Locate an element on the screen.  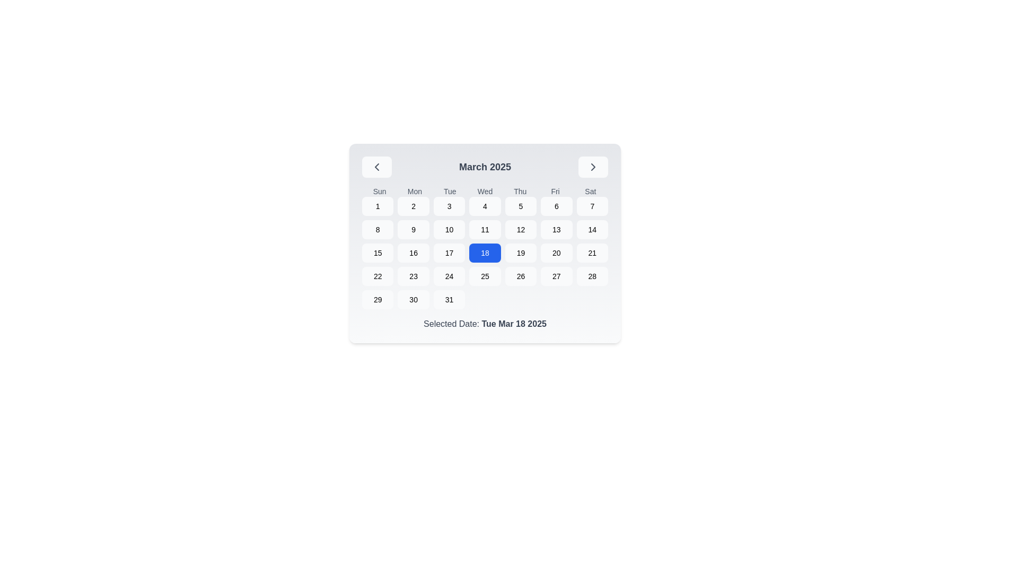
the rightward-facing chevron icon located on the right side of the calendar header, next to the 'March 2025' title to trigger visual effects is located at coordinates (592, 167).